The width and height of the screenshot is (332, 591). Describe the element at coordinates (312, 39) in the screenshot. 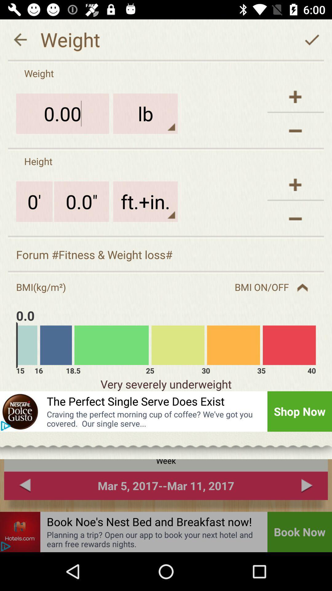

I see `the check icon` at that location.